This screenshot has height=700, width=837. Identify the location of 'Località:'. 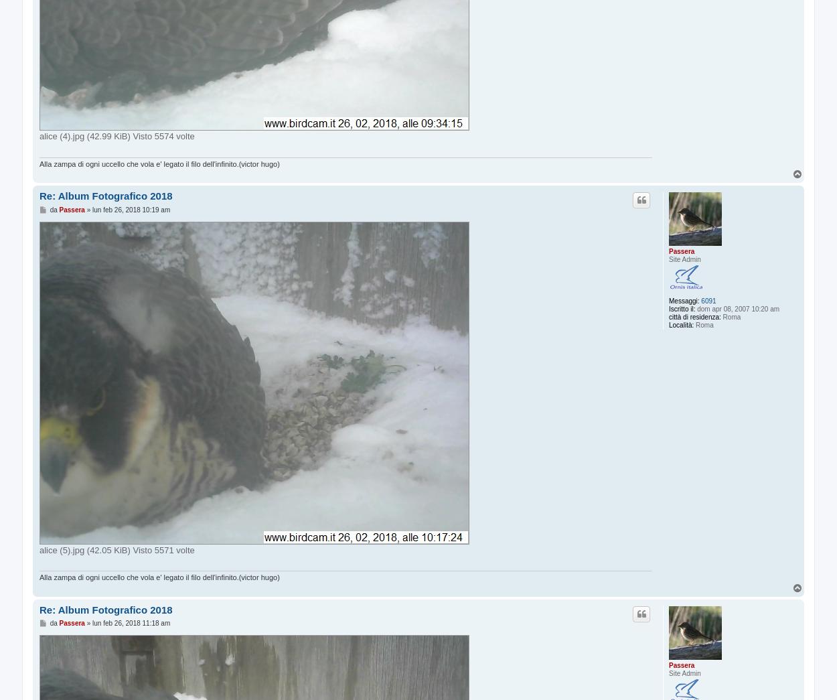
(668, 324).